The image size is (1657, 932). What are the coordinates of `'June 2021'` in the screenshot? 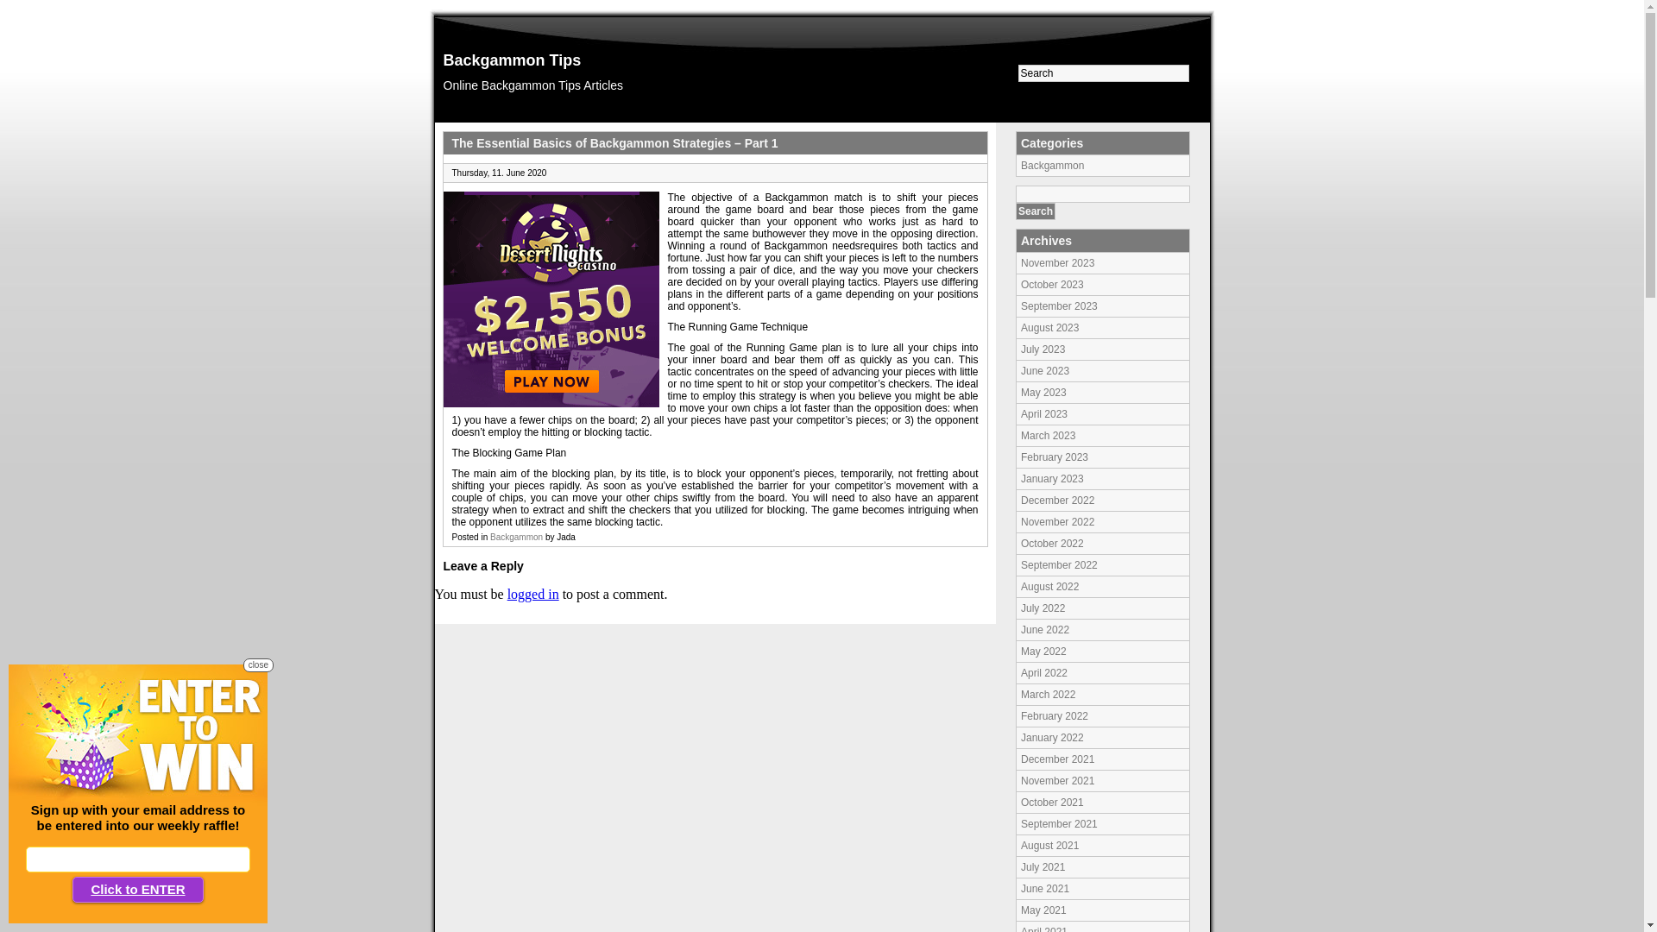 It's located at (1020, 888).